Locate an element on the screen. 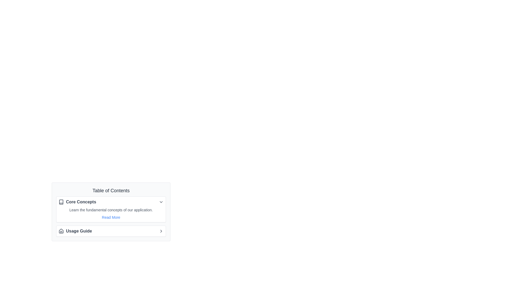 The height and width of the screenshot is (286, 509). the first Informational card in the 'Table of Contents' section, which has a light gray background and contains a 'Read More' hyperlink is located at coordinates (111, 216).